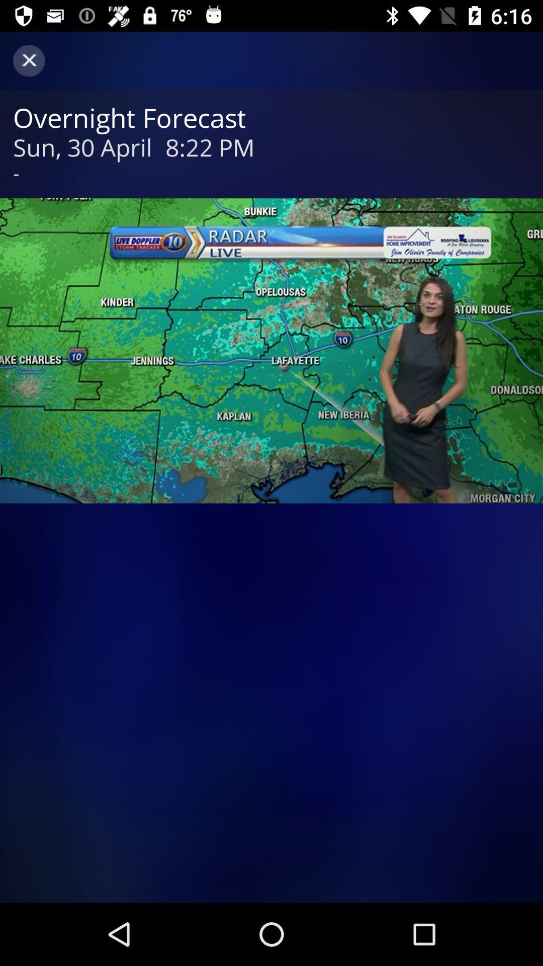  What do you see at coordinates (28, 60) in the screenshot?
I see `the close icon` at bounding box center [28, 60].